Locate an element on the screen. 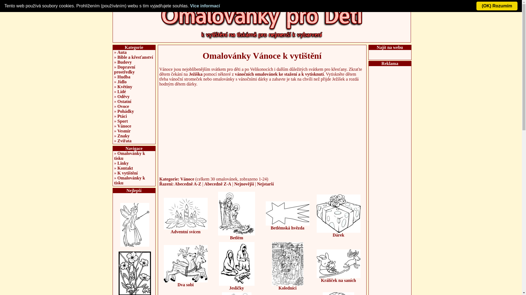  'Auta' is located at coordinates (122, 52).